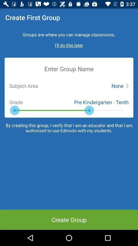 This screenshot has height=246, width=138. What do you see at coordinates (69, 45) in the screenshot?
I see `i ll do item` at bounding box center [69, 45].